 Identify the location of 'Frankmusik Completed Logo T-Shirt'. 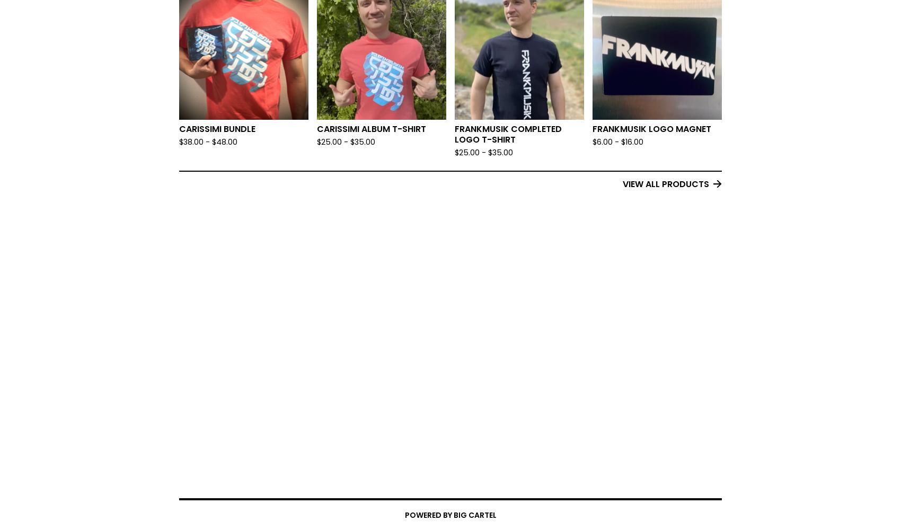
(507, 134).